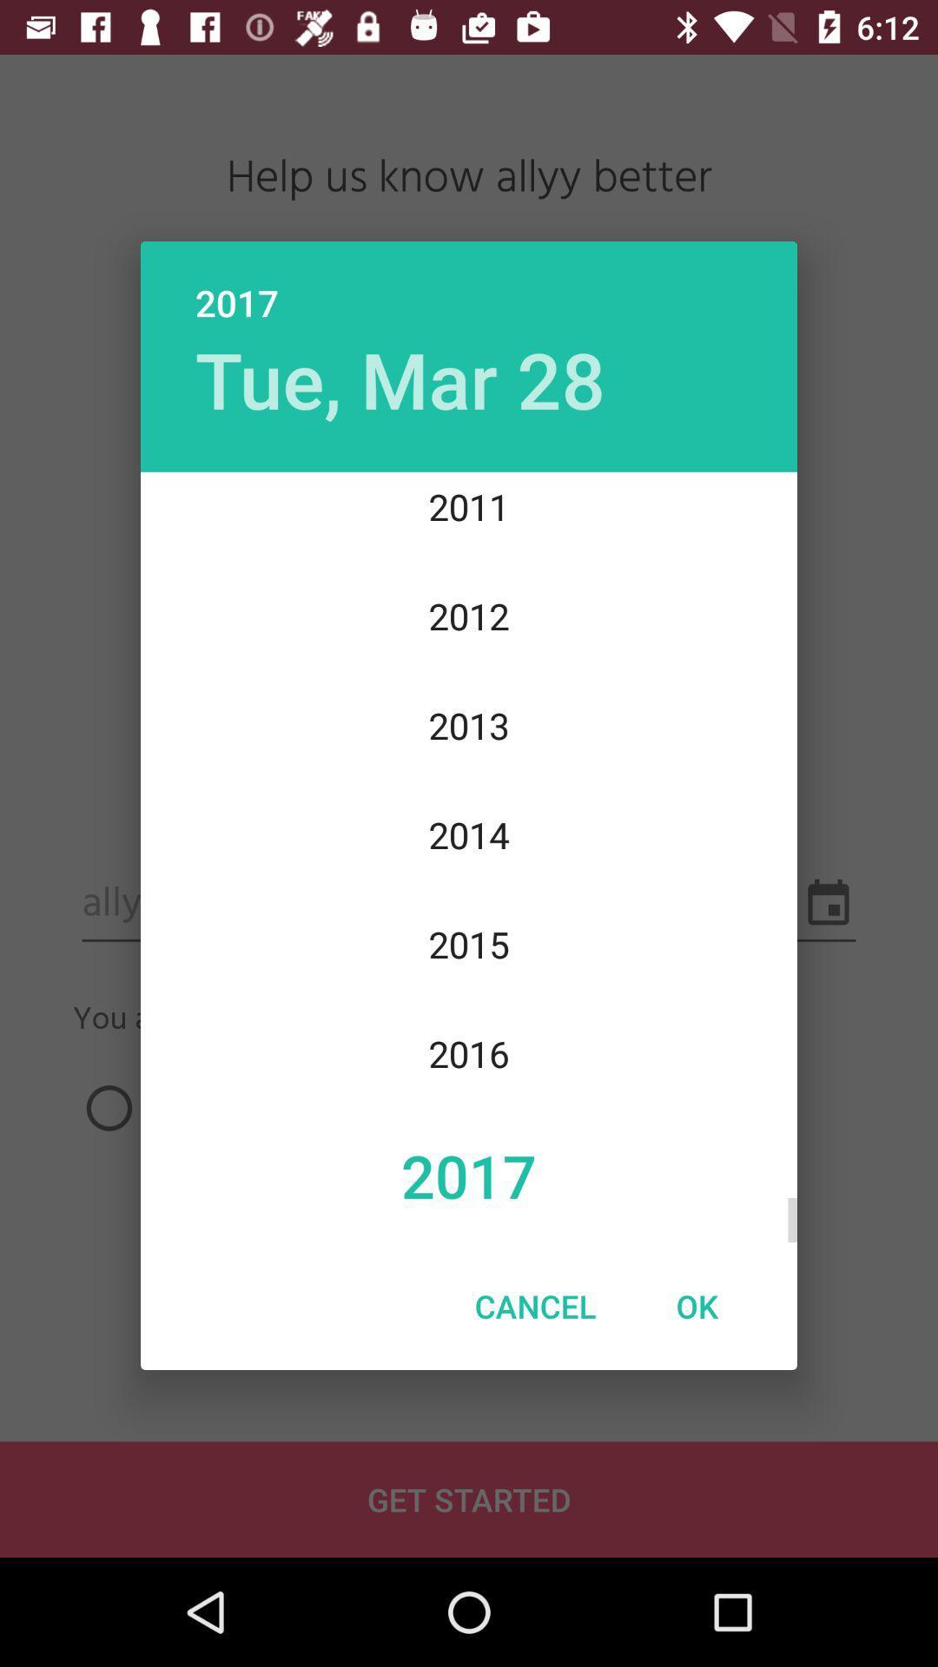 The image size is (938, 1667). Describe the element at coordinates (696, 1306) in the screenshot. I see `the item next to the cancel` at that location.